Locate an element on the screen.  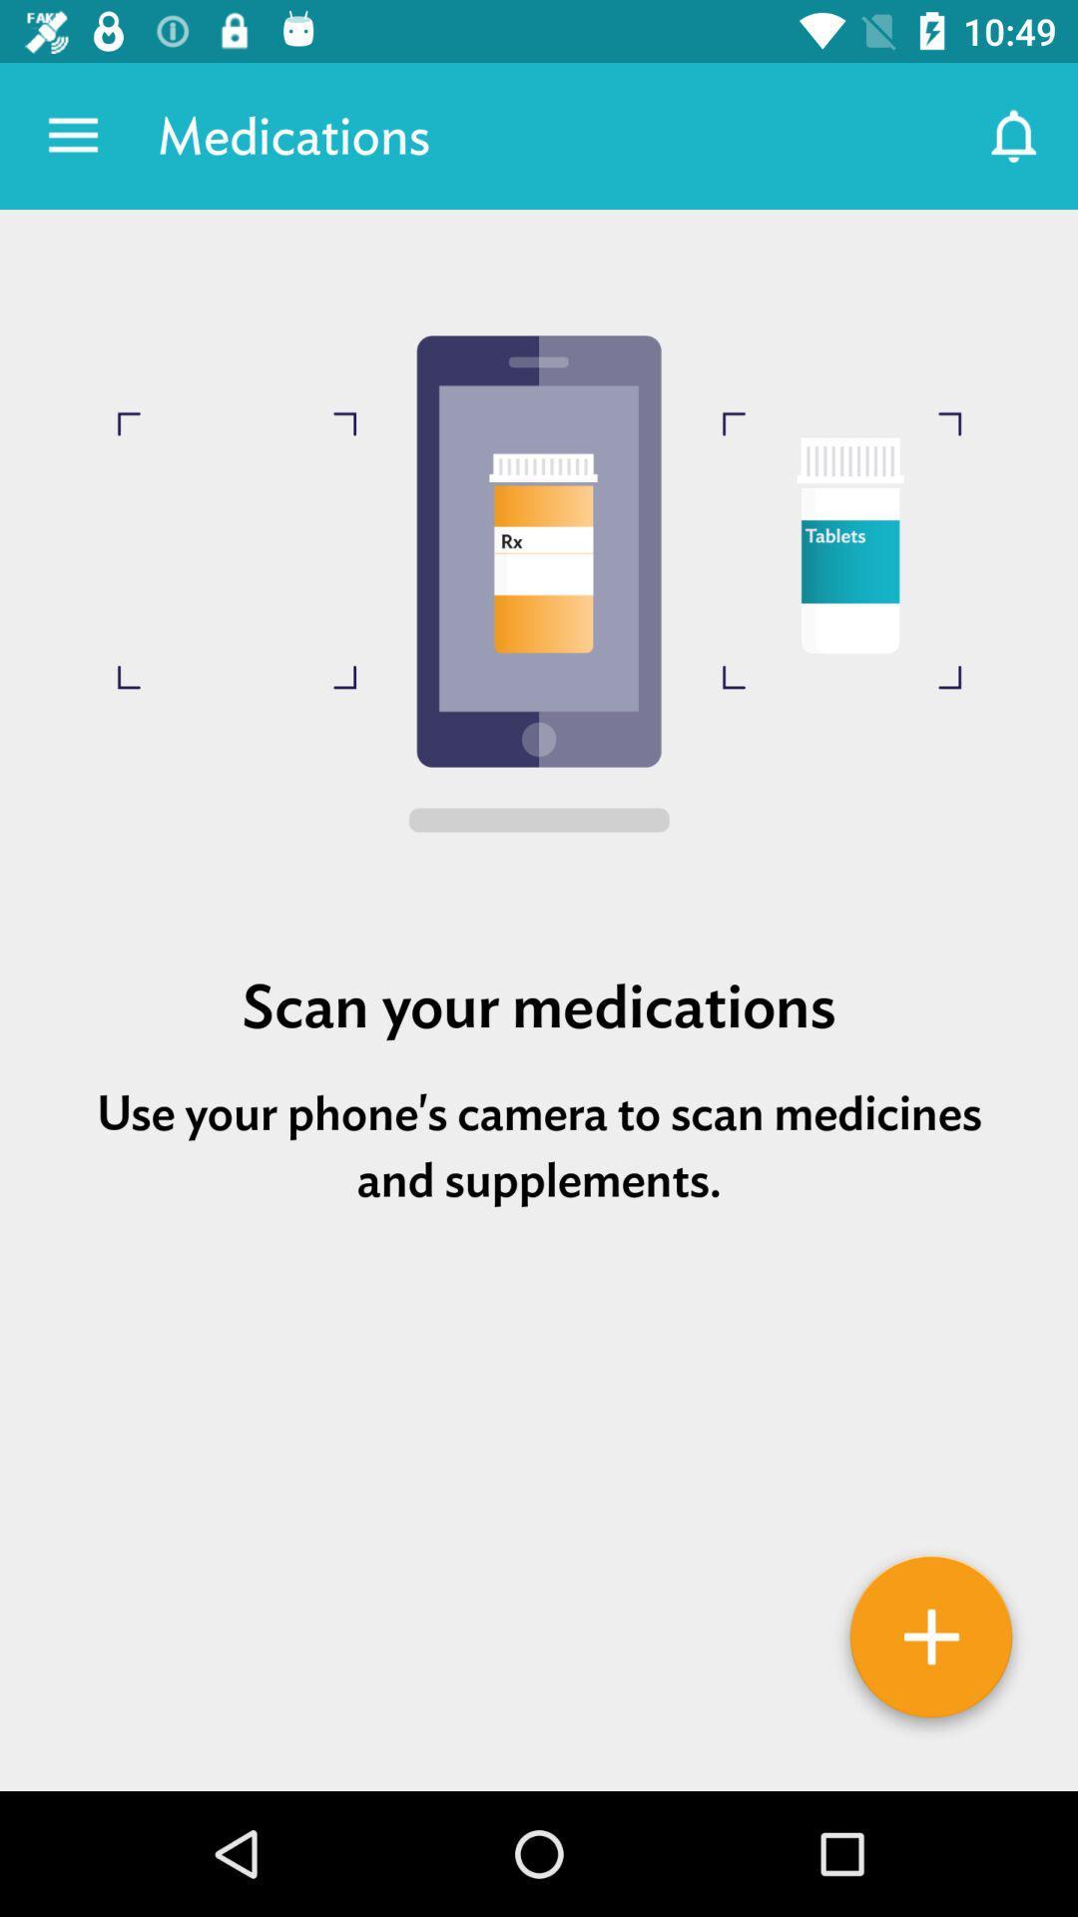
item at the top right corner is located at coordinates (1015, 135).